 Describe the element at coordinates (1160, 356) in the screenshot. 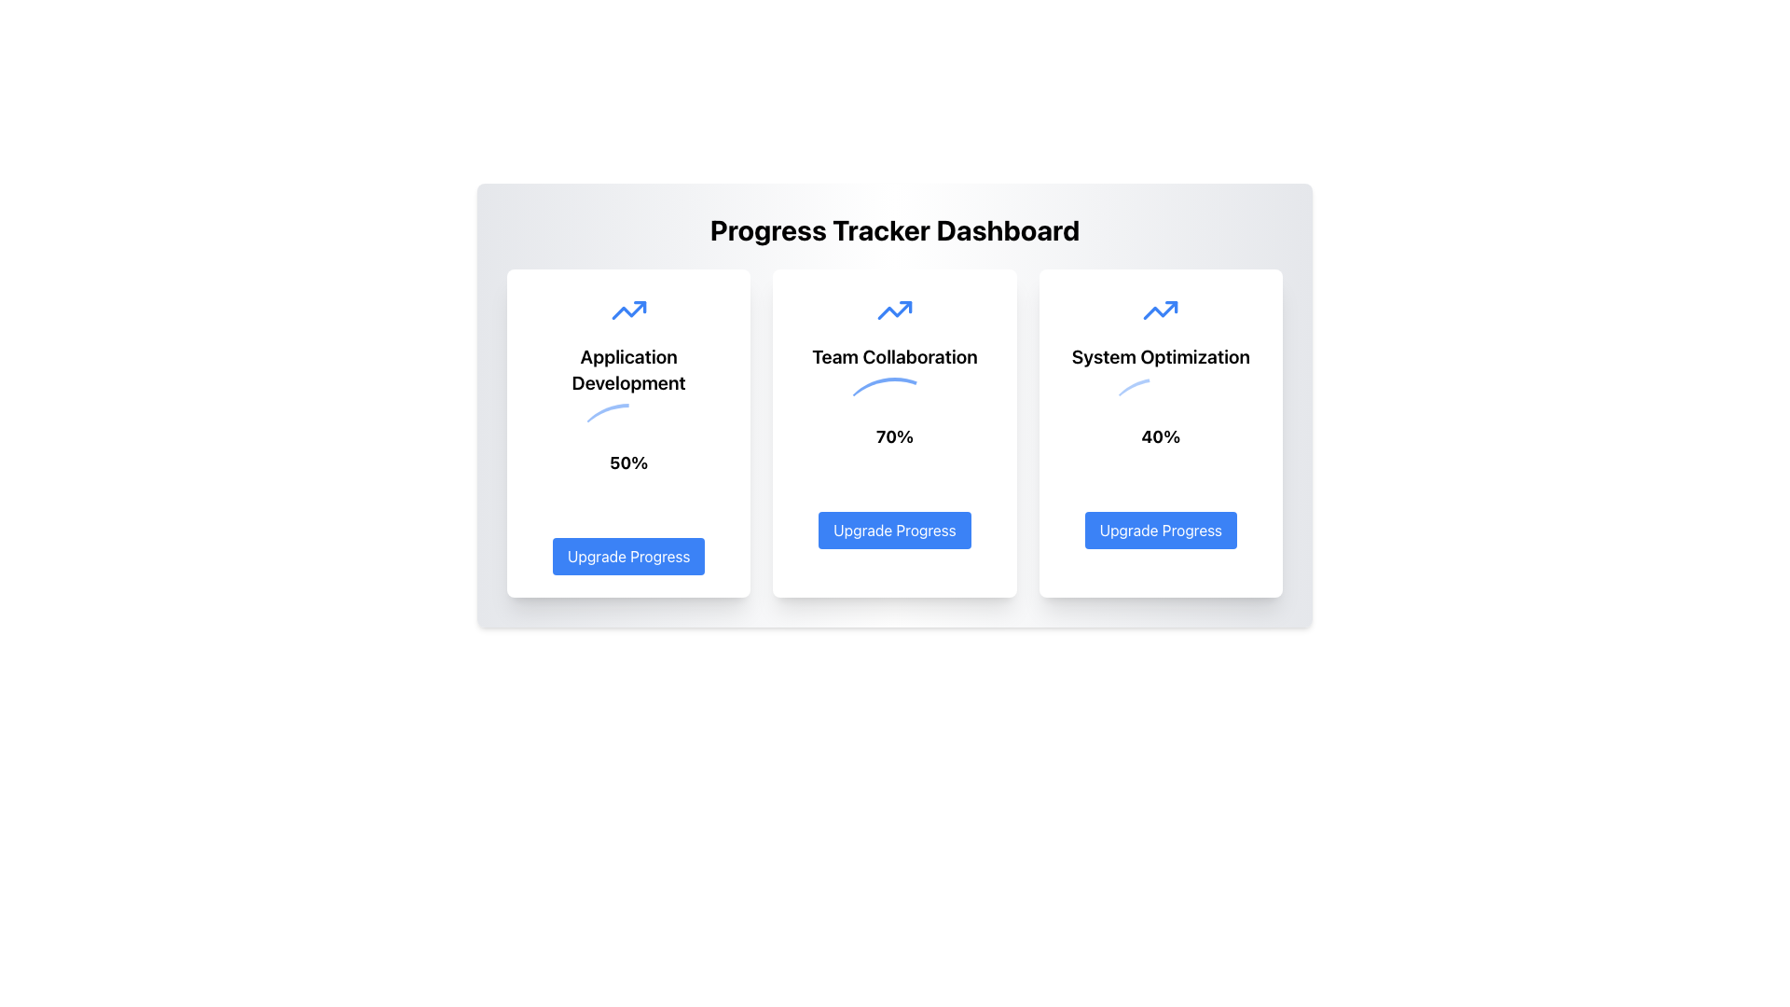

I see `the Text Label located in the rightmost card of a three-card layout, which serves as a heading or title for the card, positioned below a blue arrow icon and above a percentage indicator and an 'Upgrade Progress' button` at that location.